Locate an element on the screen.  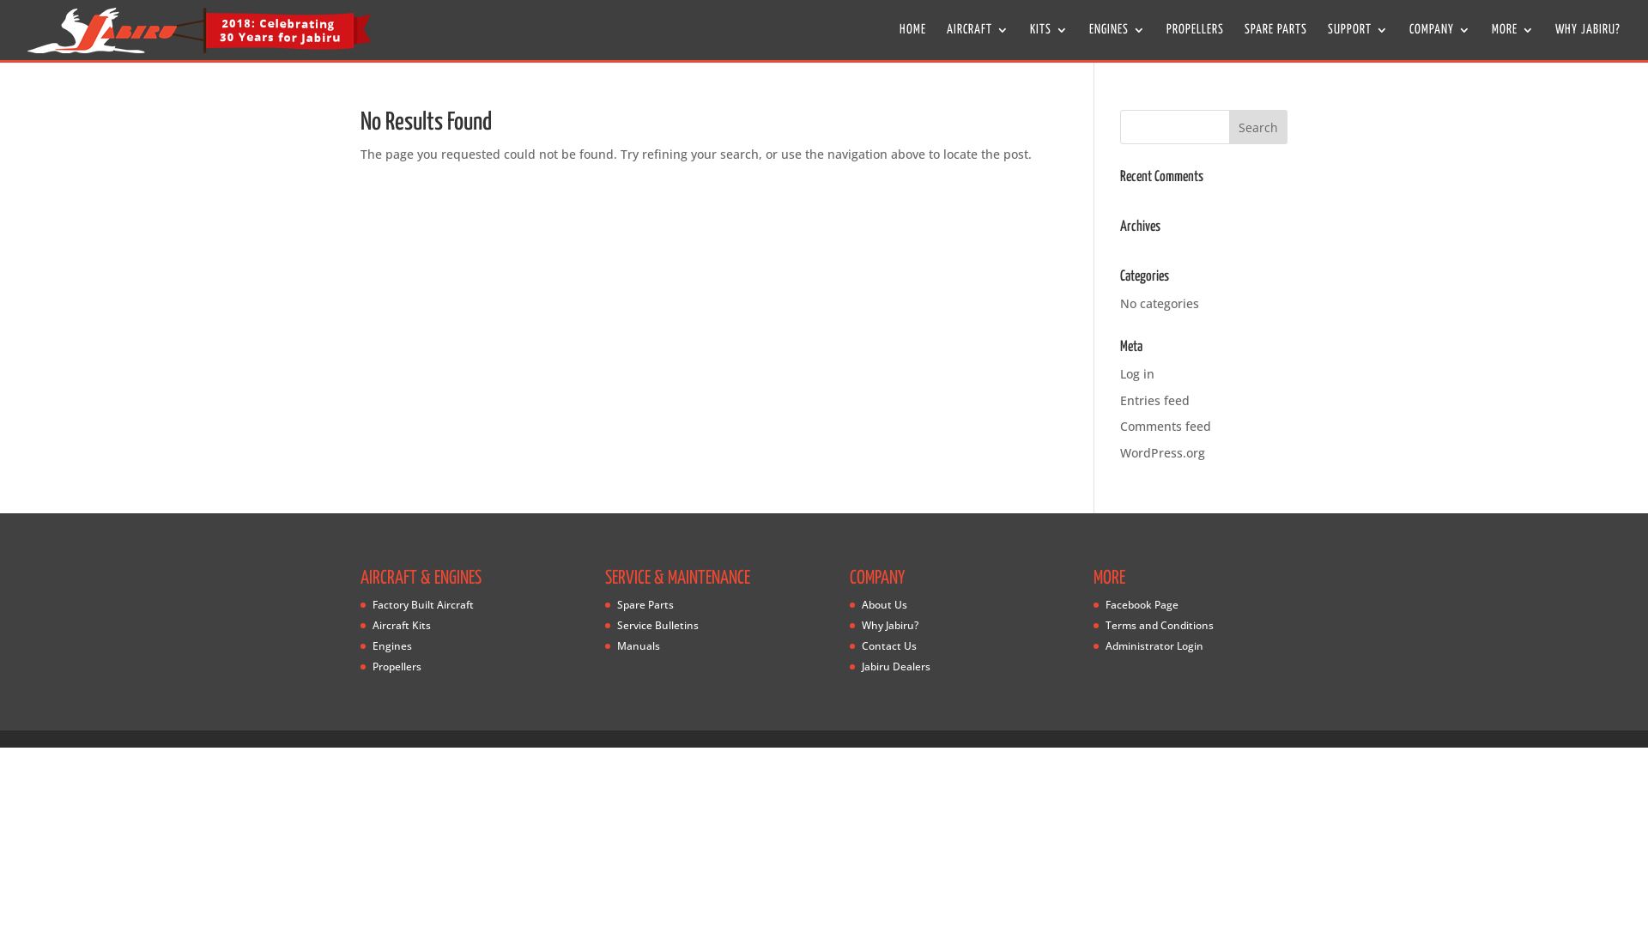
'COMPANY' is located at coordinates (1440, 41).